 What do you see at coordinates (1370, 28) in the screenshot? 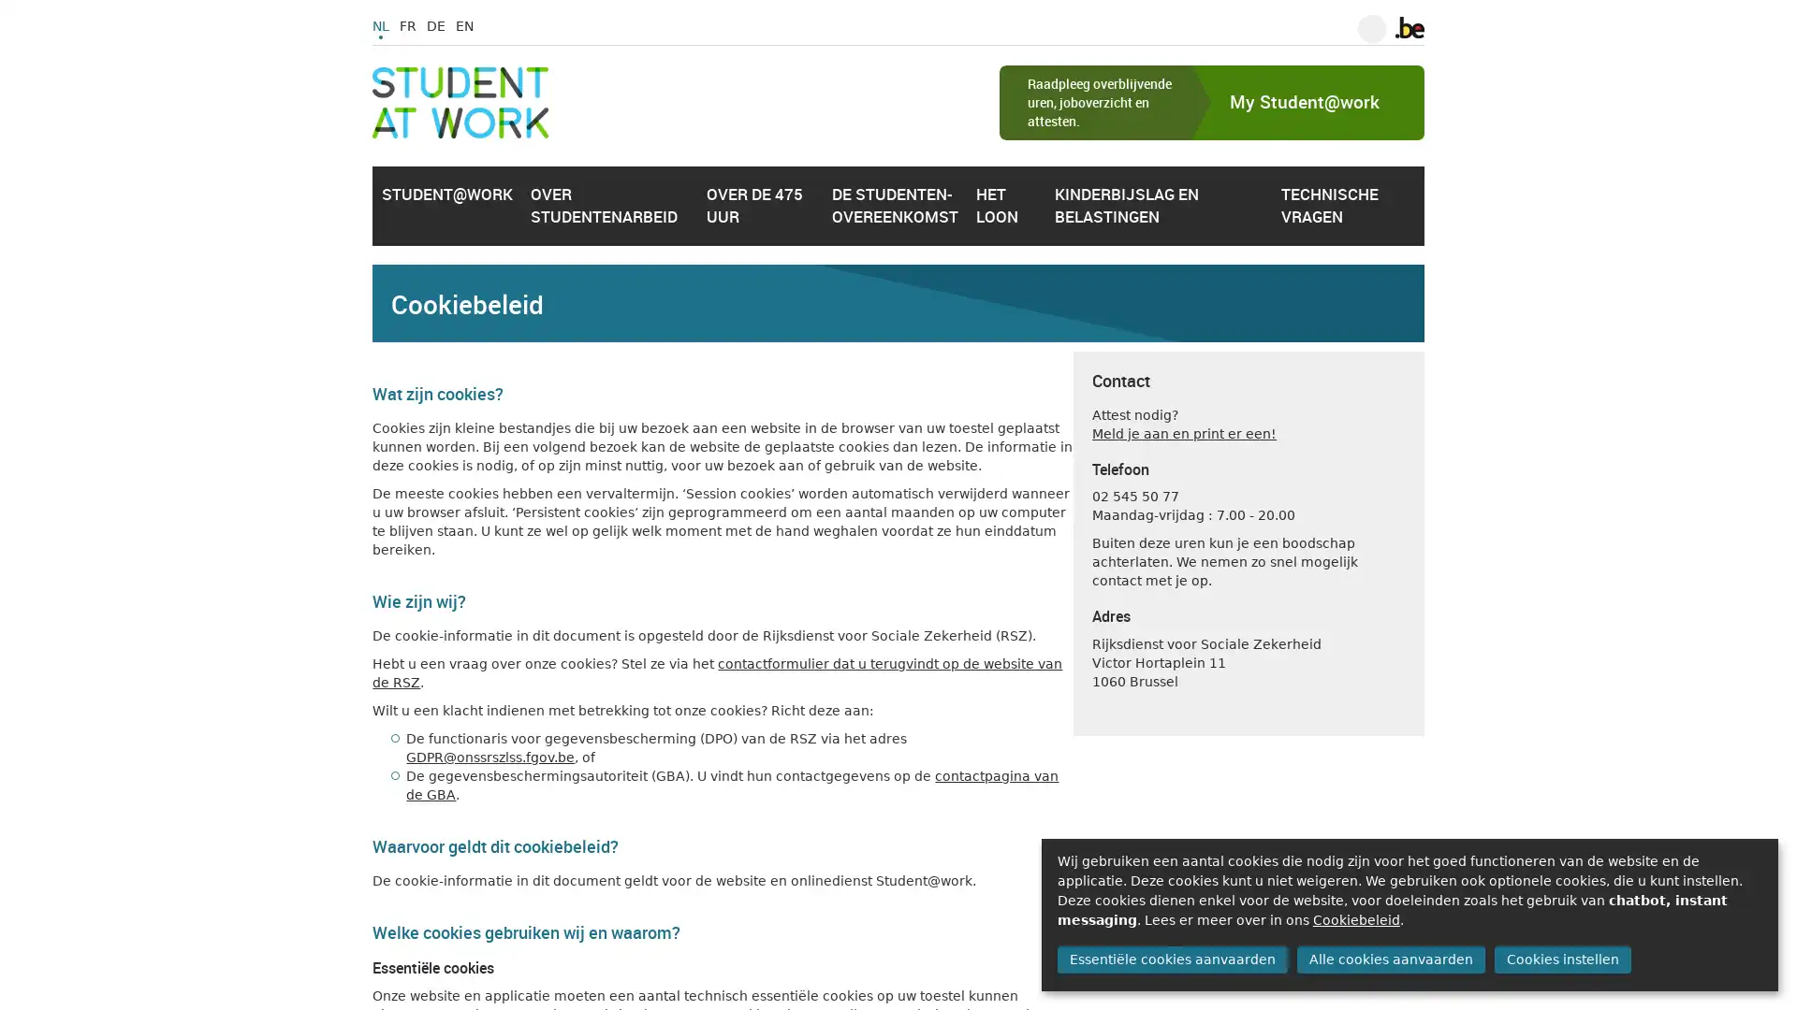
I see `Zoeken` at bounding box center [1370, 28].